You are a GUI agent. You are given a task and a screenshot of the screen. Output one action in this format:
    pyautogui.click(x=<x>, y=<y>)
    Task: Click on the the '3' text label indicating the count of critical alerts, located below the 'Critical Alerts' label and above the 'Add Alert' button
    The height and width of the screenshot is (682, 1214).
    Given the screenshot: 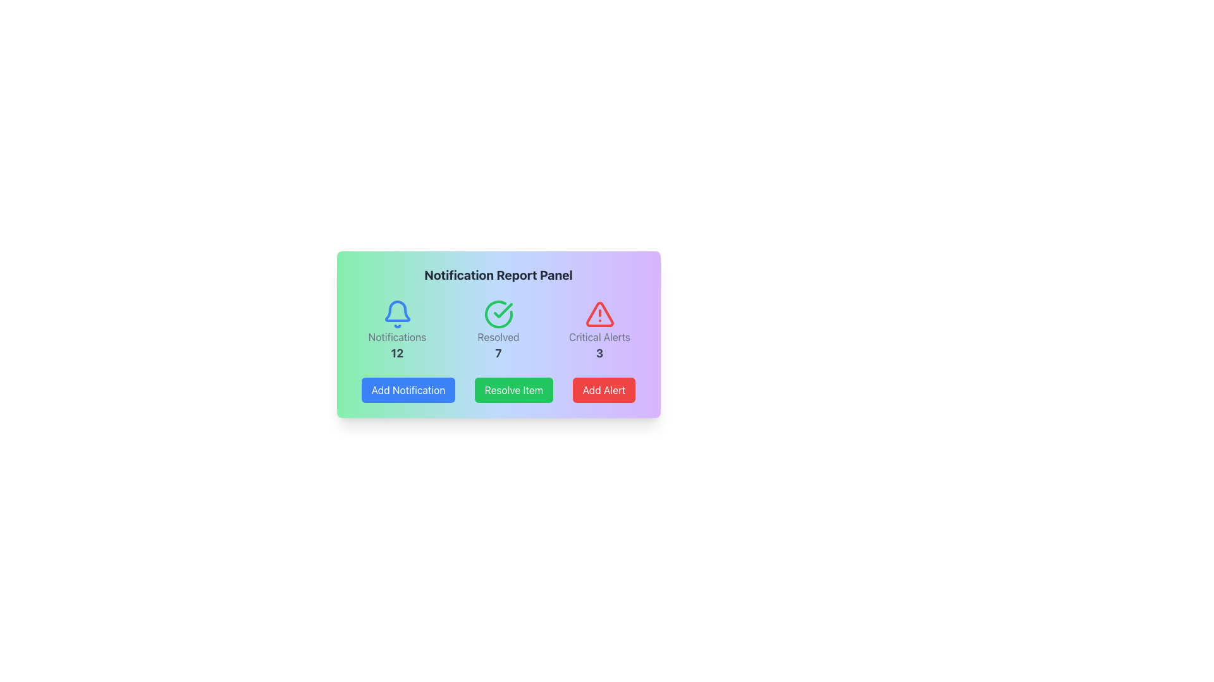 What is the action you would take?
    pyautogui.click(x=599, y=353)
    